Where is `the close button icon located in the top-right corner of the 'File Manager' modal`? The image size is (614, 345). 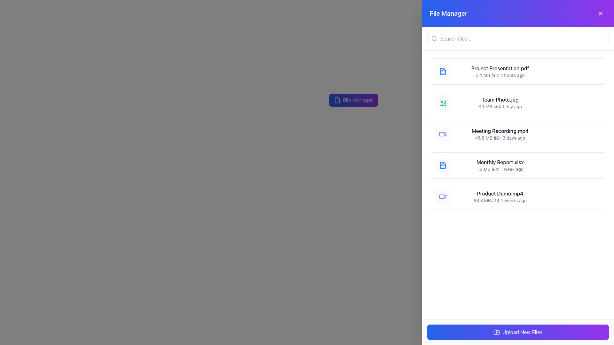 the close button icon located in the top-right corner of the 'File Manager' modal is located at coordinates (600, 13).